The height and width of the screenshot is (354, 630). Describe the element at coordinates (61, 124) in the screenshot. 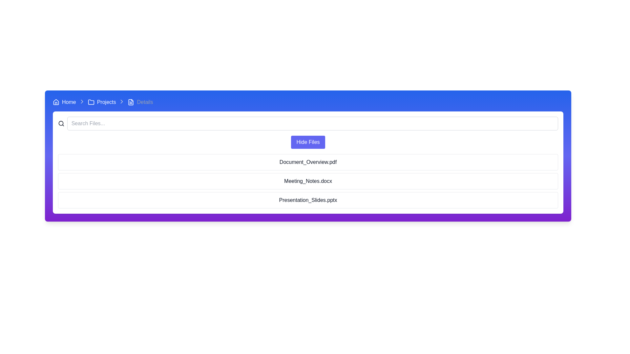

I see `the magnifying glass icon element` at that location.